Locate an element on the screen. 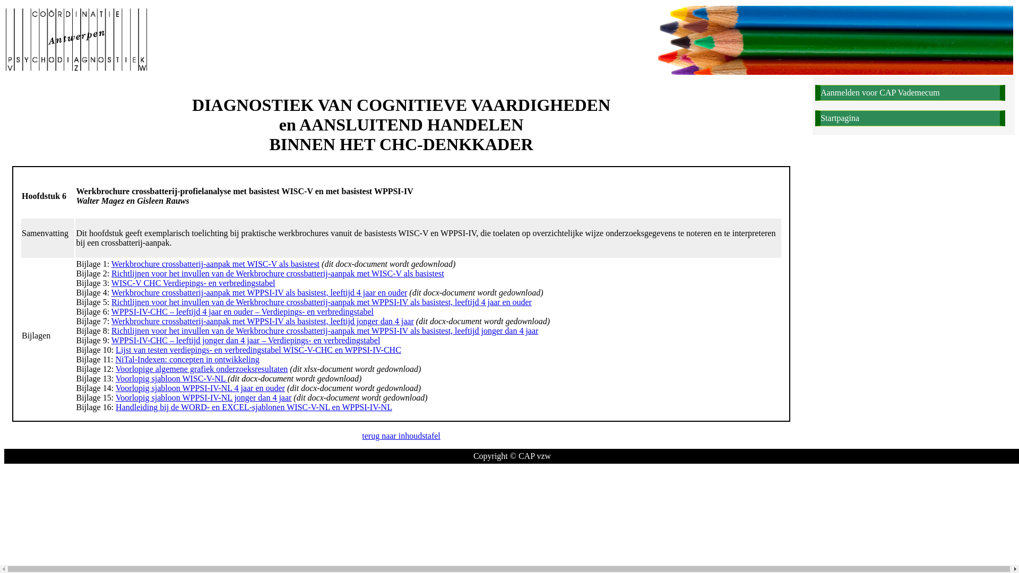 The height and width of the screenshot is (573, 1019). 'WISC-V CHC Verdiepings- en verbredingstabel' is located at coordinates (193, 282).